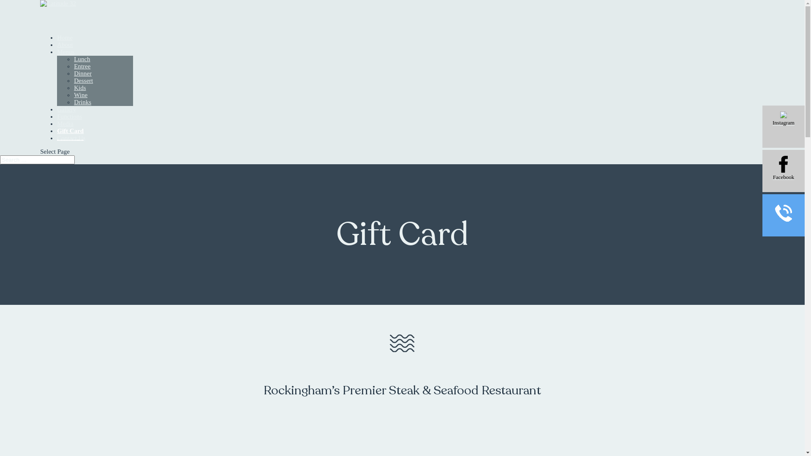  I want to click on 'Facebook', so click(783, 171).